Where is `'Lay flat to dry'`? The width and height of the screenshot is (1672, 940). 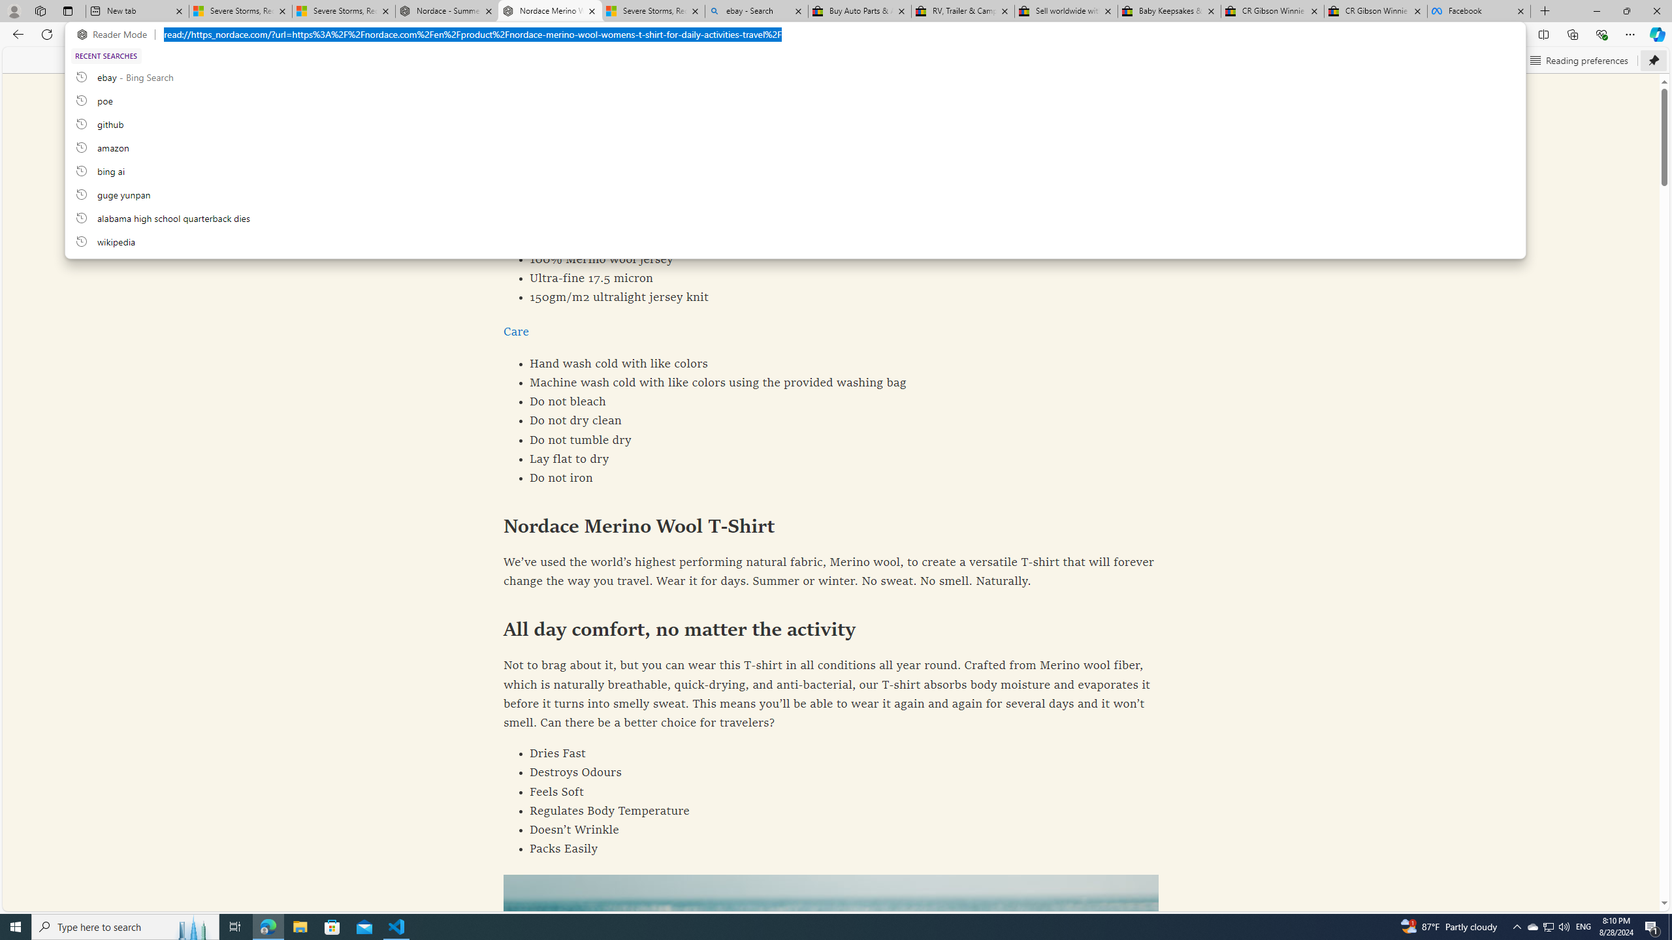 'Lay flat to dry' is located at coordinates (831, 458).